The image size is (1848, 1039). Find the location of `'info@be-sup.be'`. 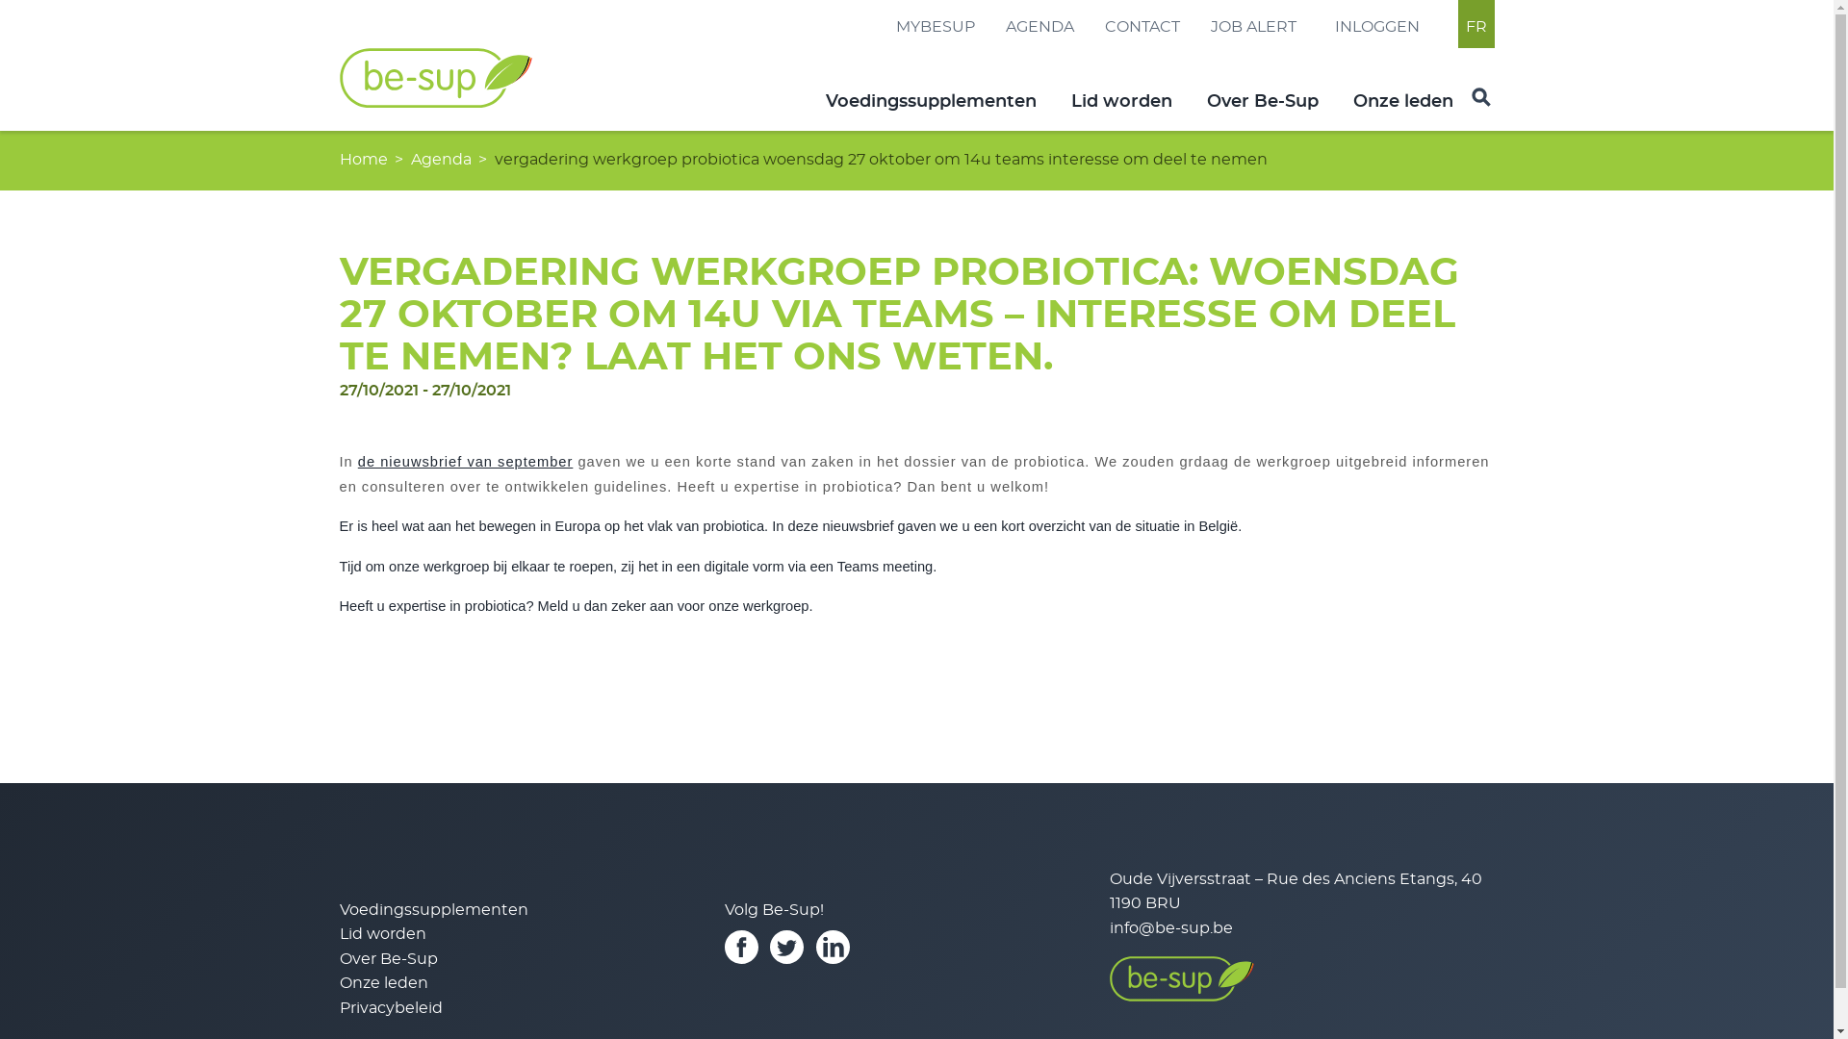

'info@be-sup.be' is located at coordinates (1109, 926).